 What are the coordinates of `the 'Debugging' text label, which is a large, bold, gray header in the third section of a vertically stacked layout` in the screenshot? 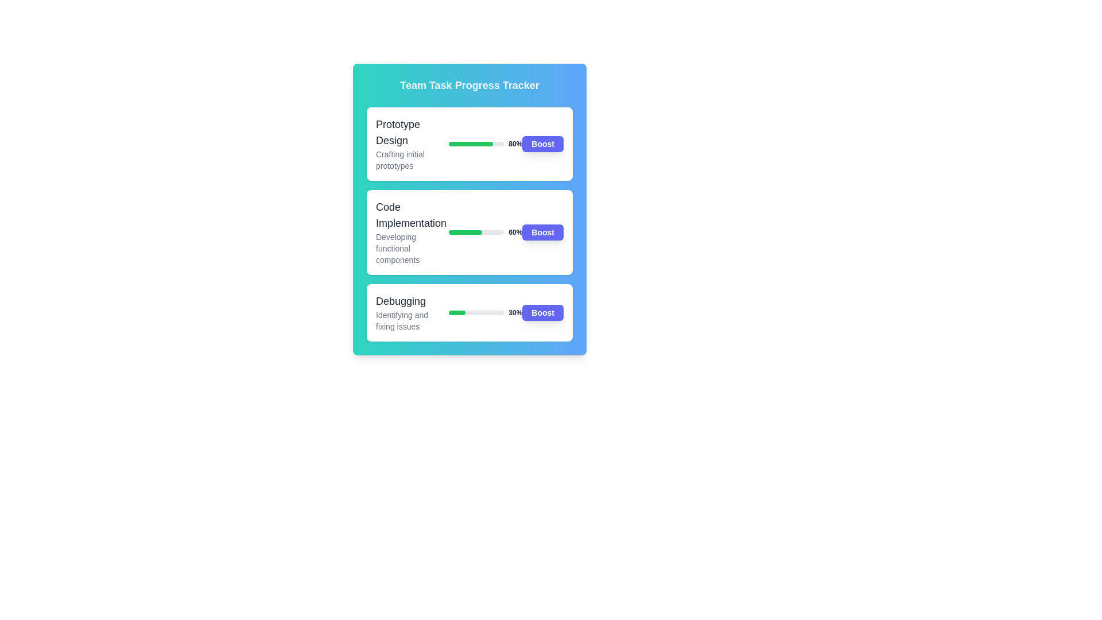 It's located at (412, 300).